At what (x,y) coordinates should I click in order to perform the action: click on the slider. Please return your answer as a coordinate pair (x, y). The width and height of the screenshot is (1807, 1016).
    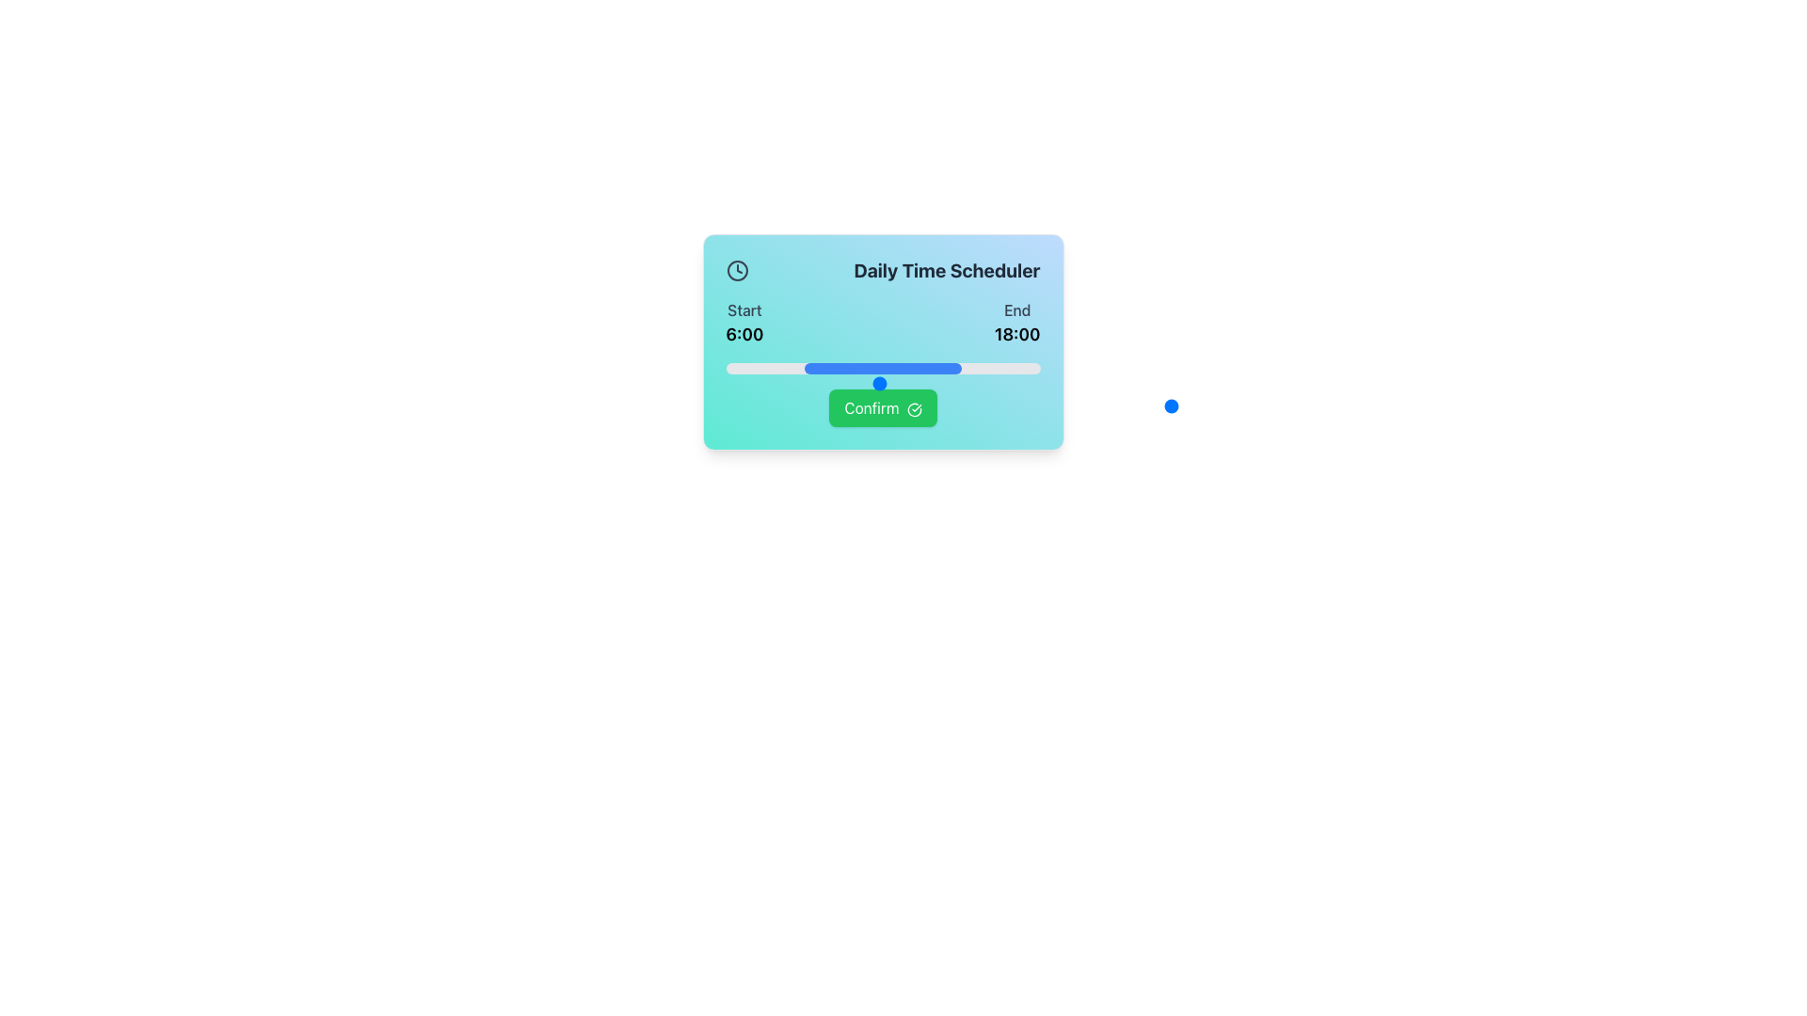
    Looking at the image, I should click on (731, 369).